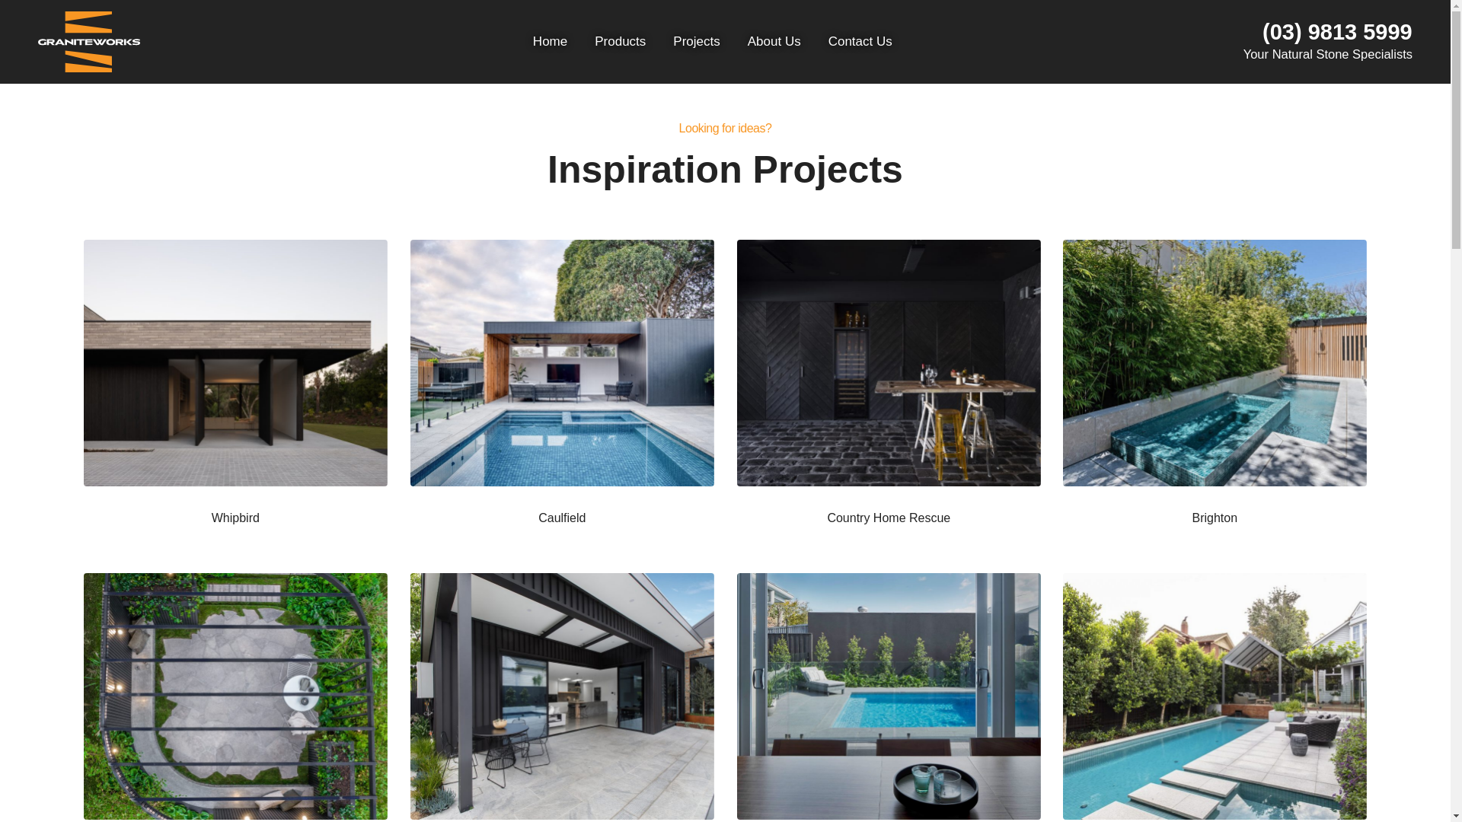 The image size is (1462, 822). Describe the element at coordinates (774, 40) in the screenshot. I see `'About Us'` at that location.